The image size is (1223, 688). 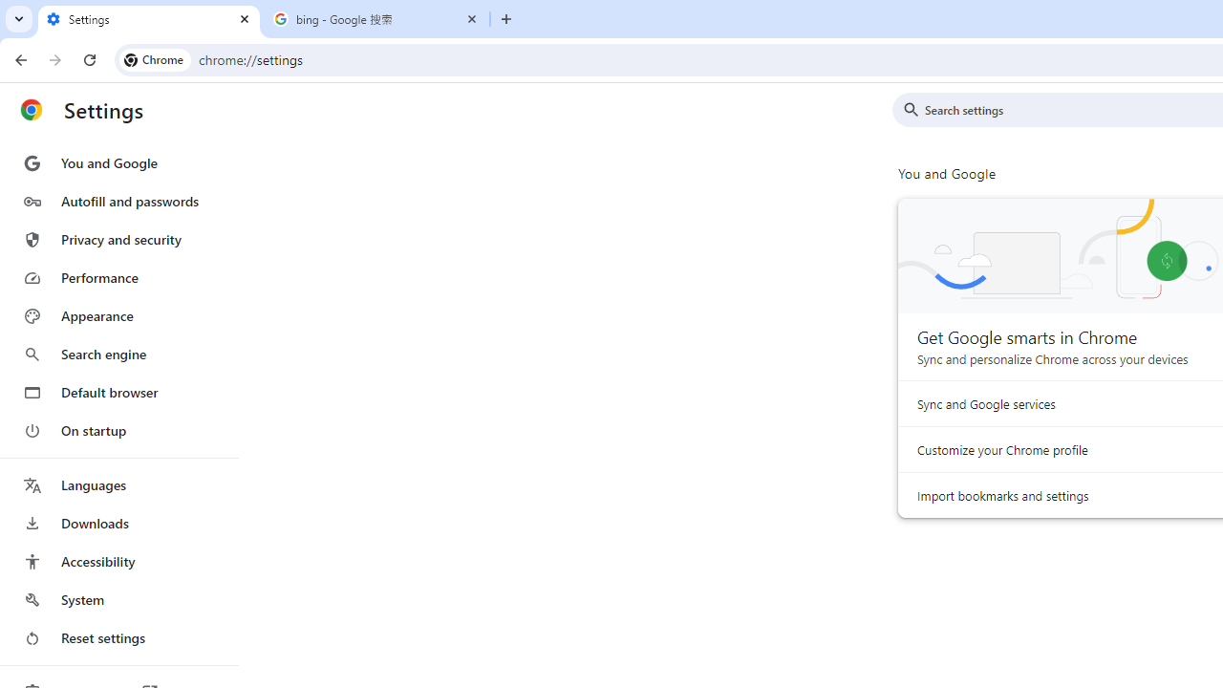 What do you see at coordinates (148, 19) in the screenshot?
I see `'Settings'` at bounding box center [148, 19].